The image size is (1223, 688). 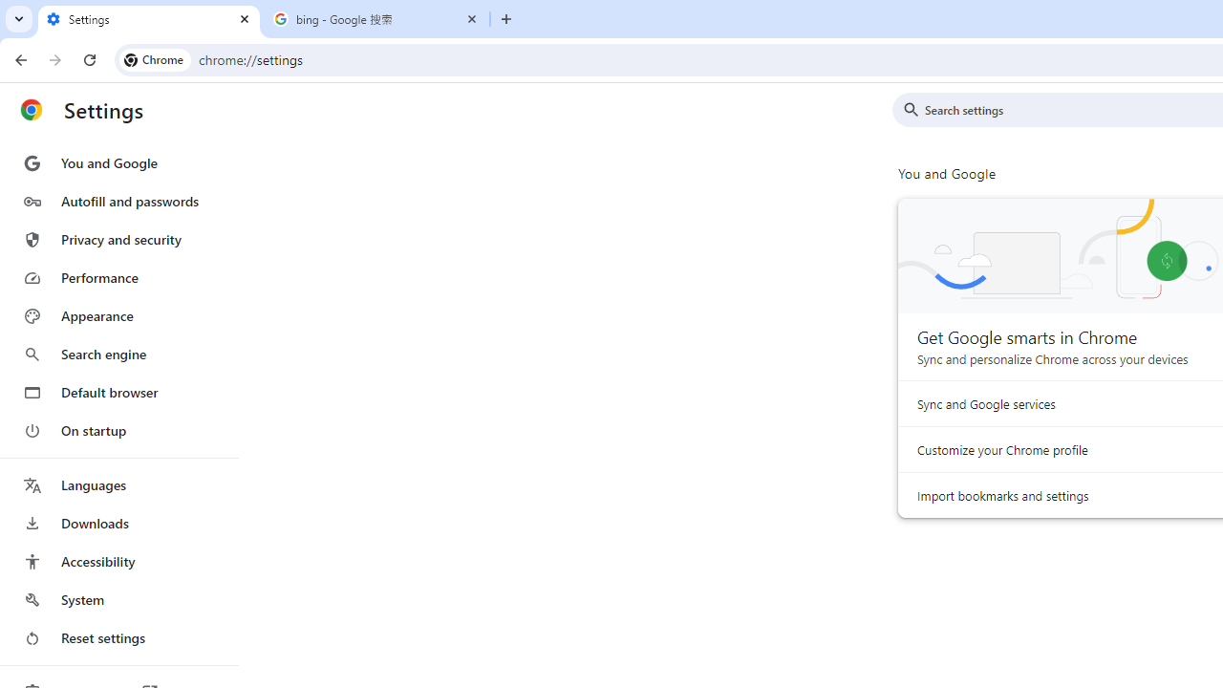 What do you see at coordinates (148, 19) in the screenshot?
I see `'Settings'` at bounding box center [148, 19].